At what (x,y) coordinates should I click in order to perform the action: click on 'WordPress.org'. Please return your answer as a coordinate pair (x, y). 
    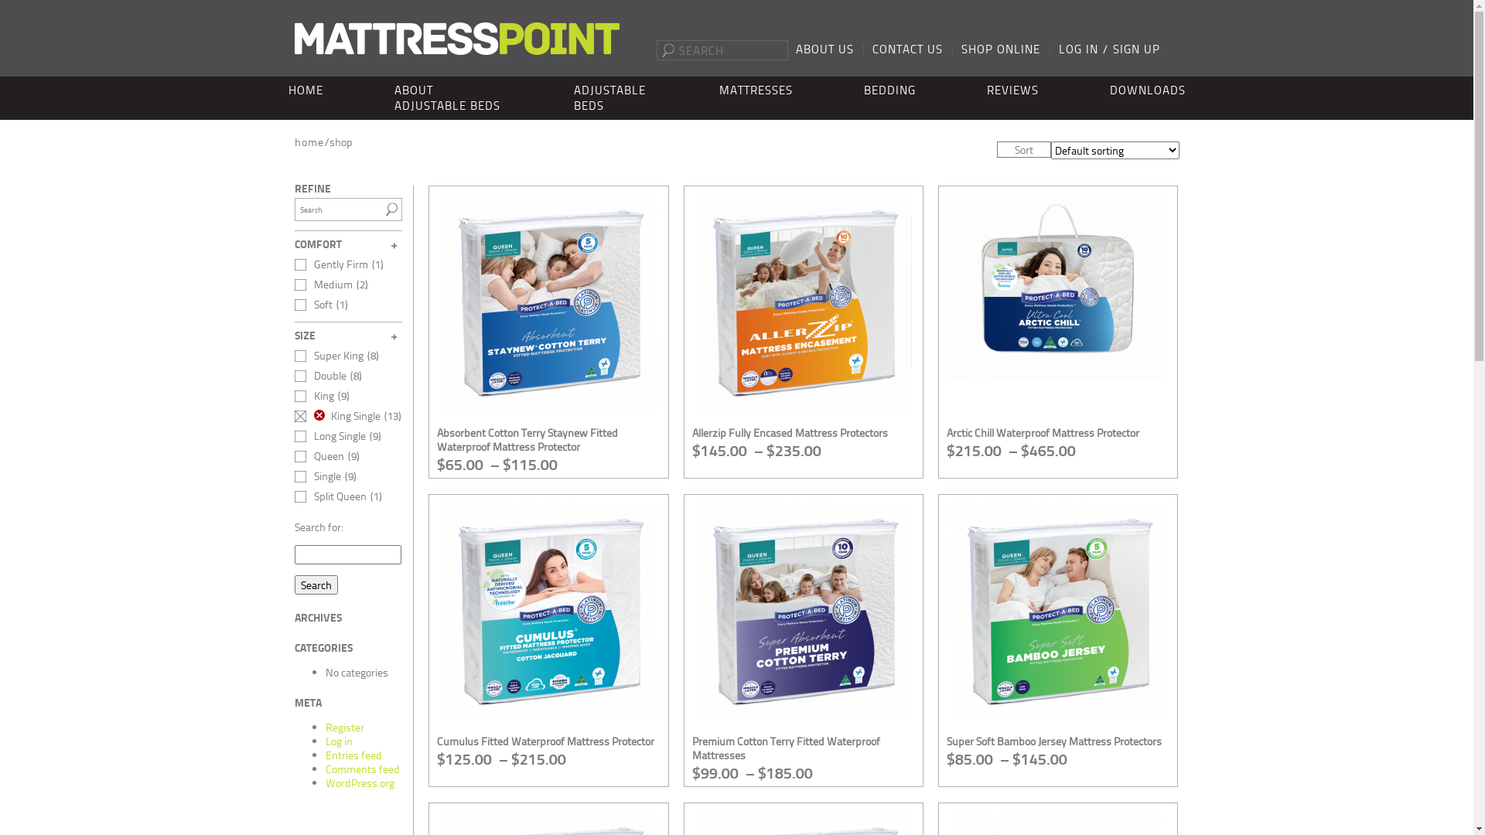
    Looking at the image, I should click on (358, 782).